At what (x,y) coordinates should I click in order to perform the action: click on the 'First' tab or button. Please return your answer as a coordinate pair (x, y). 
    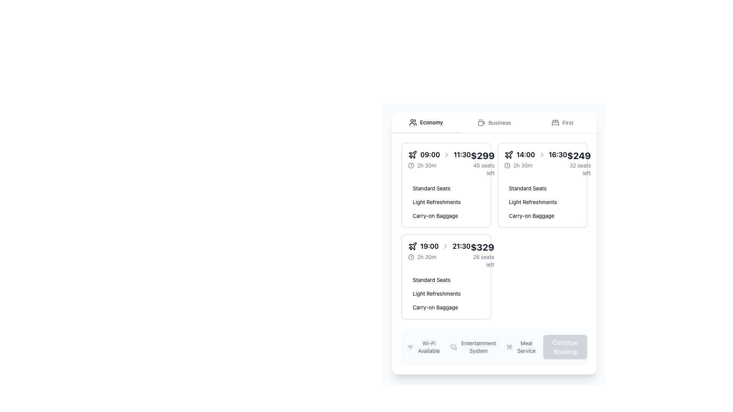
    Looking at the image, I should click on (562, 122).